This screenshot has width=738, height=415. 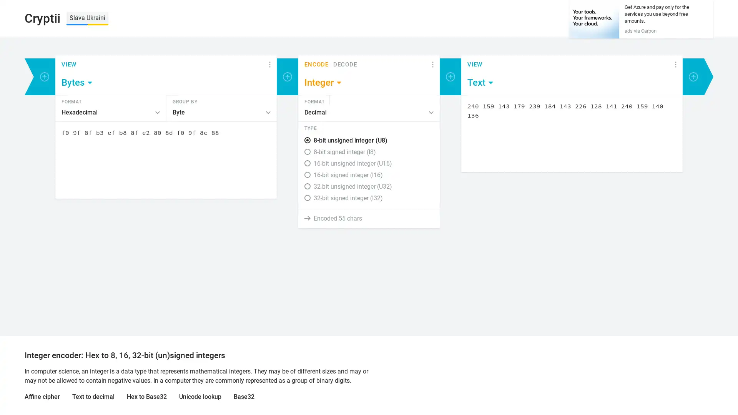 What do you see at coordinates (44, 77) in the screenshot?
I see `Add encoder or viewer` at bounding box center [44, 77].